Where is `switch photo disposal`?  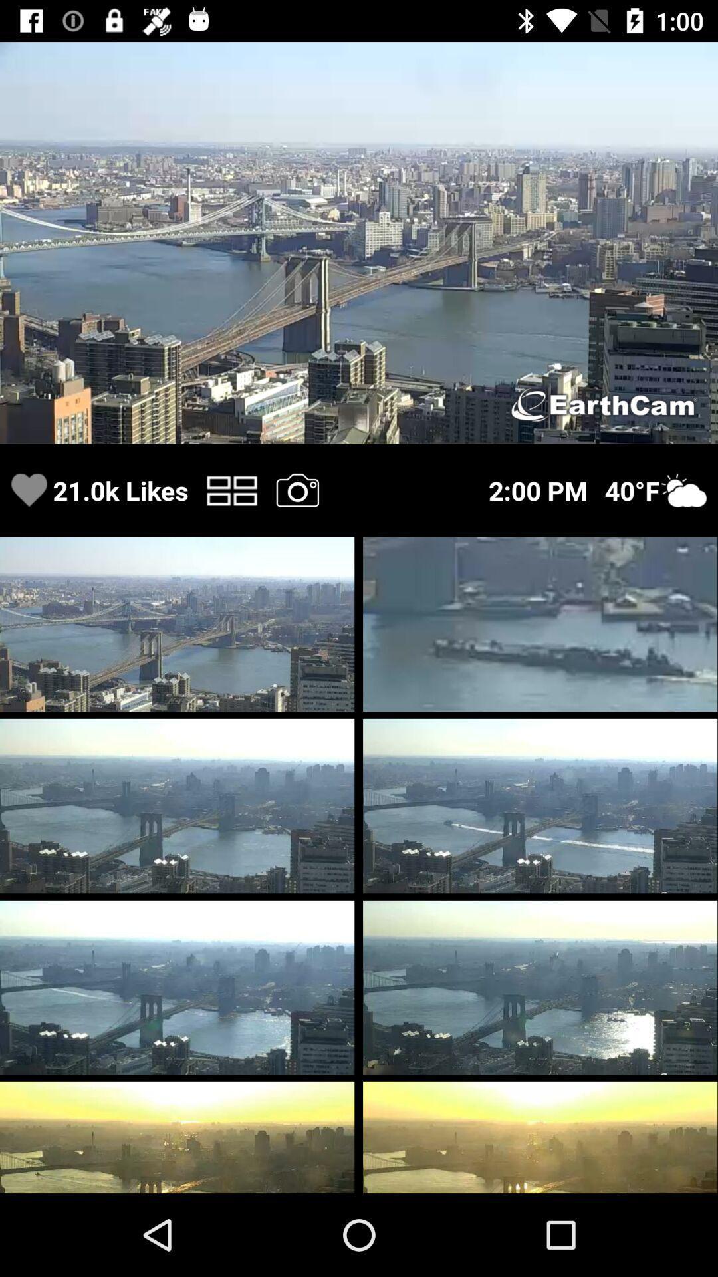
switch photo disposal is located at coordinates (231, 490).